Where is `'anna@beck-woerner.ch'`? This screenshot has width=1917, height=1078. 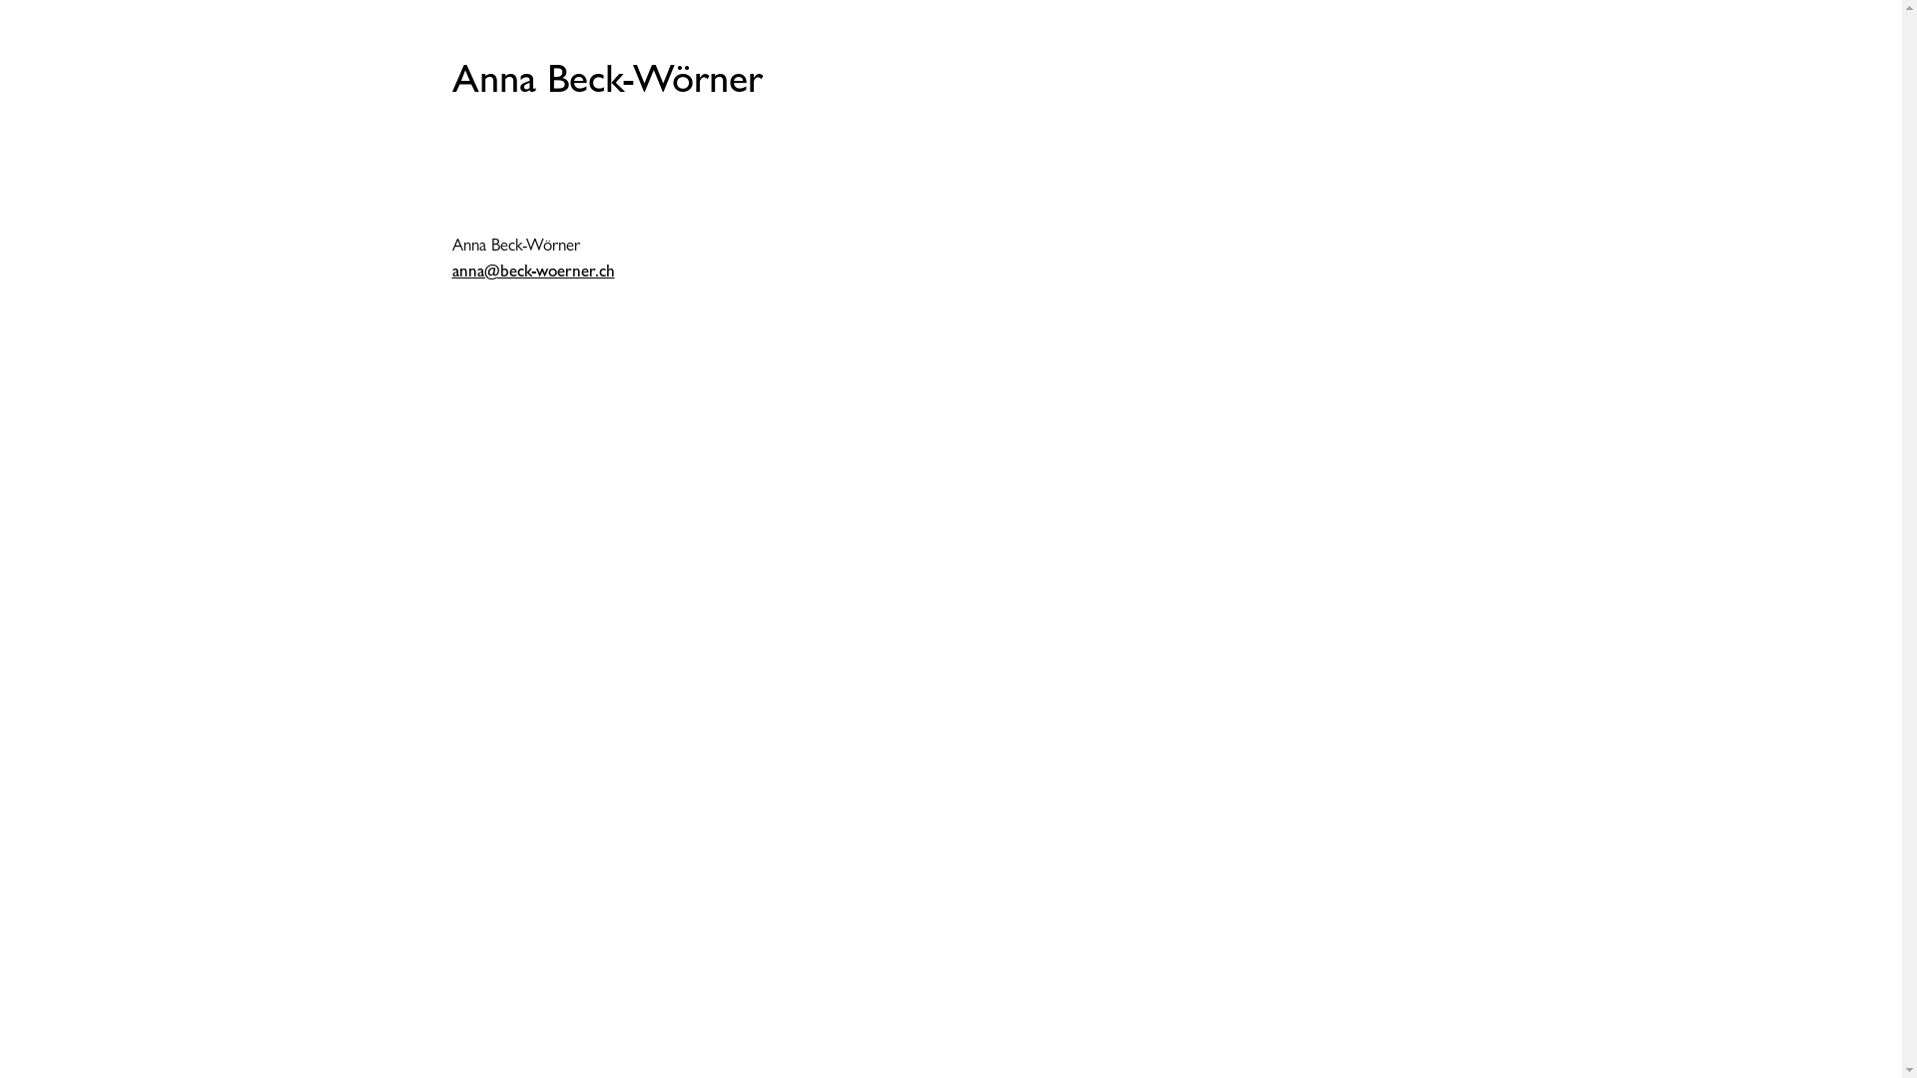
'anna@beck-woerner.ch' is located at coordinates (532, 269).